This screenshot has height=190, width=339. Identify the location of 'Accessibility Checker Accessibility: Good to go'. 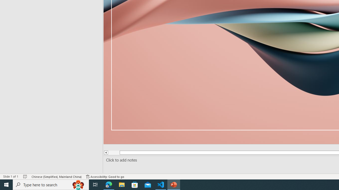
(105, 177).